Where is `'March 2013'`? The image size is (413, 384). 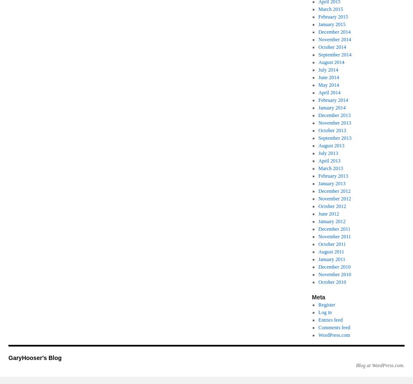
'March 2013' is located at coordinates (330, 168).